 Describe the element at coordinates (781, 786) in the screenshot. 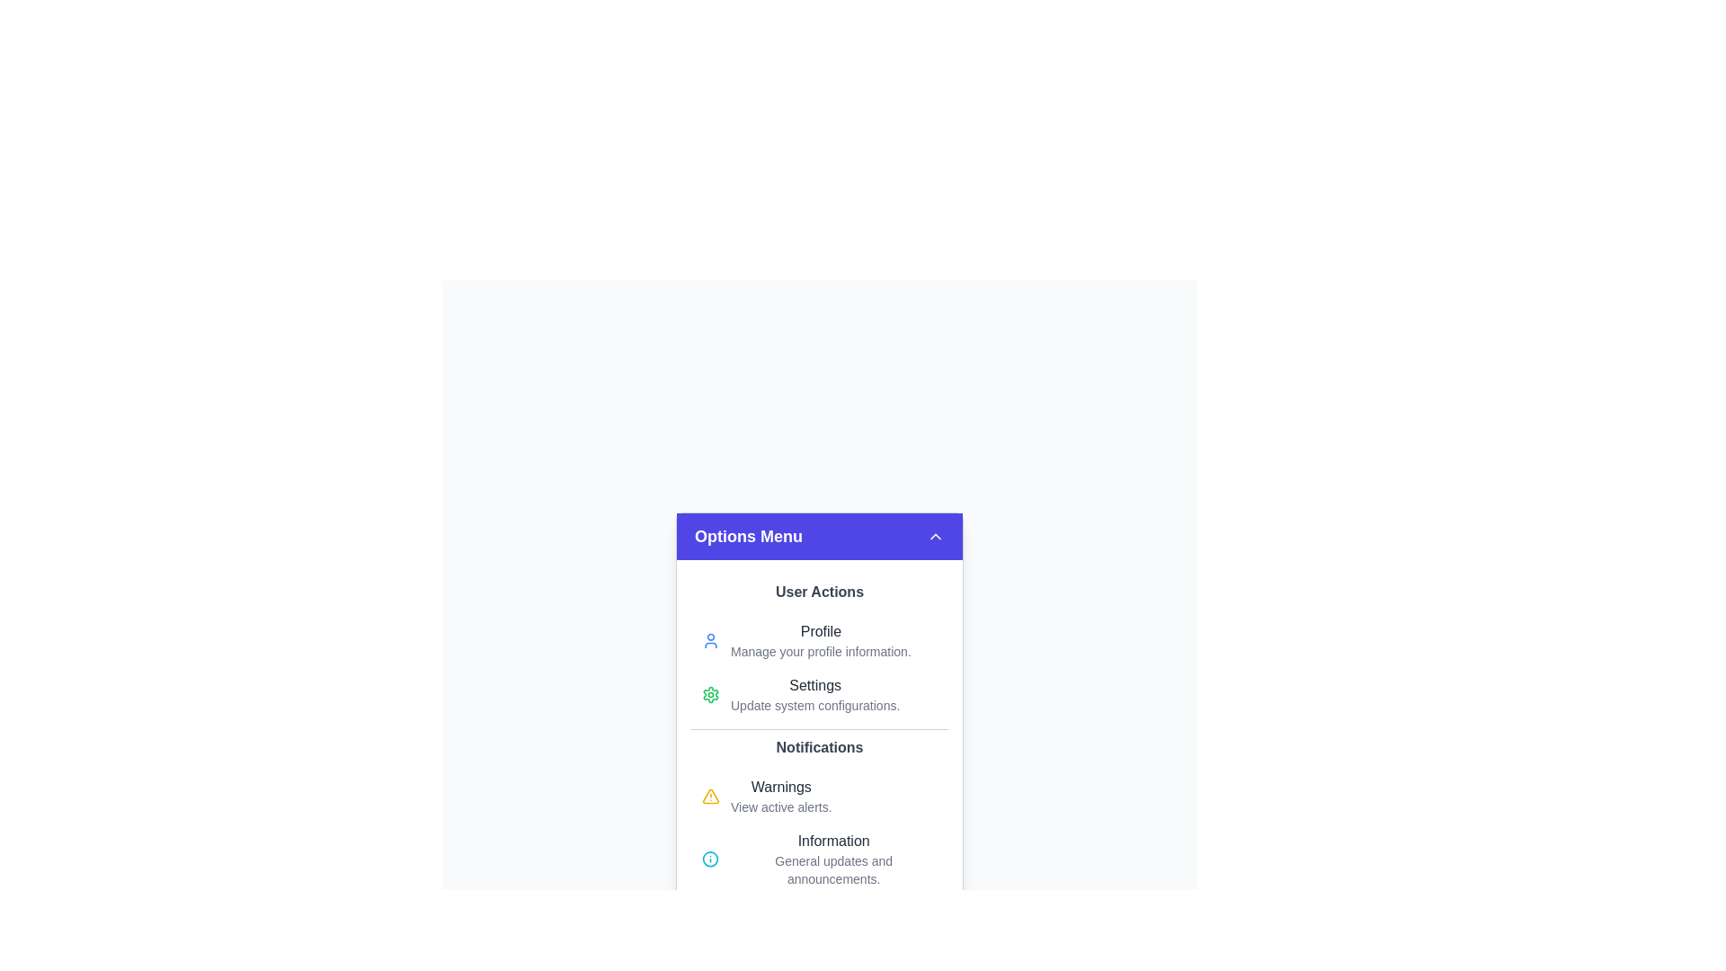

I see `the text label that provides context for the section related to 'View active alerts.' in the 'Notifications' section, which is centrally positioned above that text` at that location.